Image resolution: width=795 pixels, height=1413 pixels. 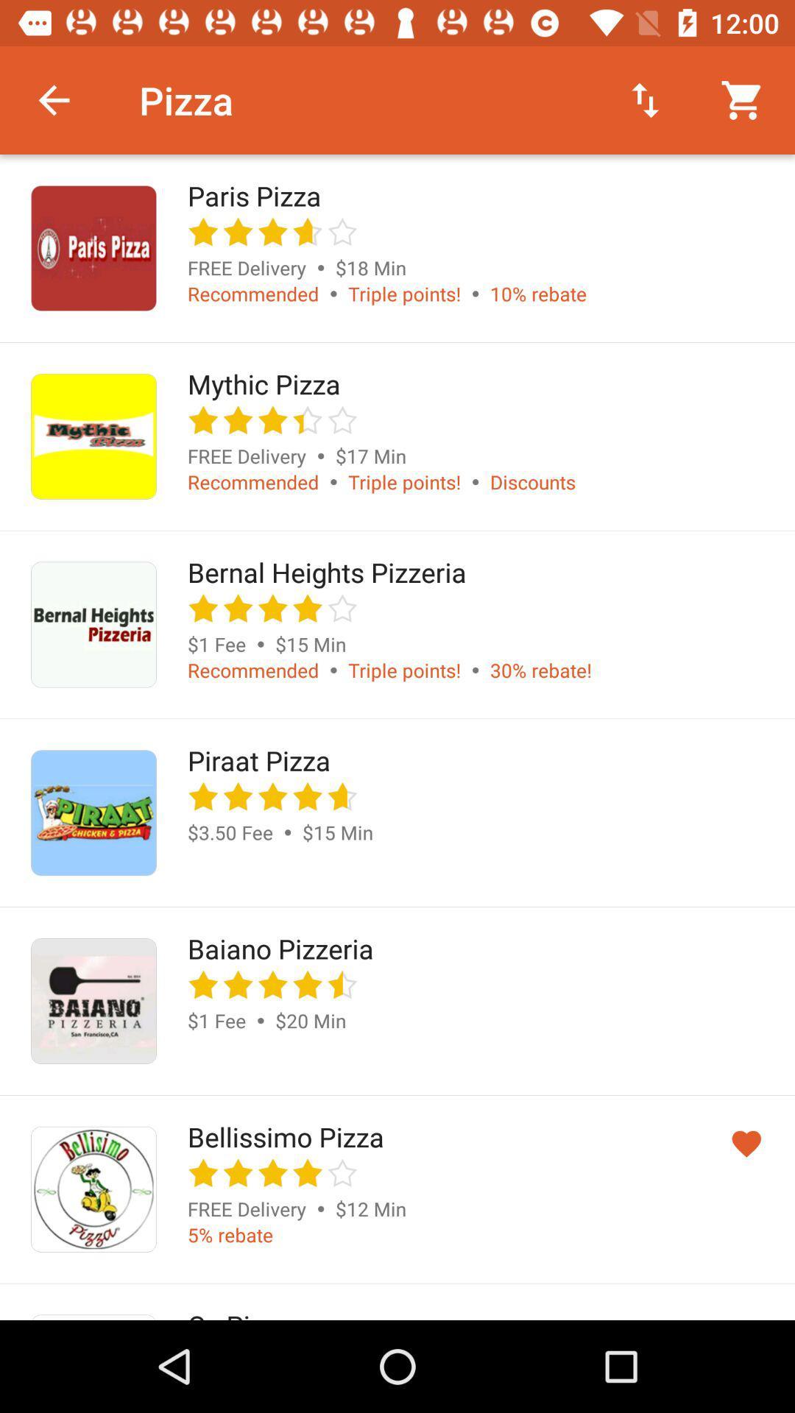 I want to click on the icon to the left of the pizza, so click(x=53, y=99).